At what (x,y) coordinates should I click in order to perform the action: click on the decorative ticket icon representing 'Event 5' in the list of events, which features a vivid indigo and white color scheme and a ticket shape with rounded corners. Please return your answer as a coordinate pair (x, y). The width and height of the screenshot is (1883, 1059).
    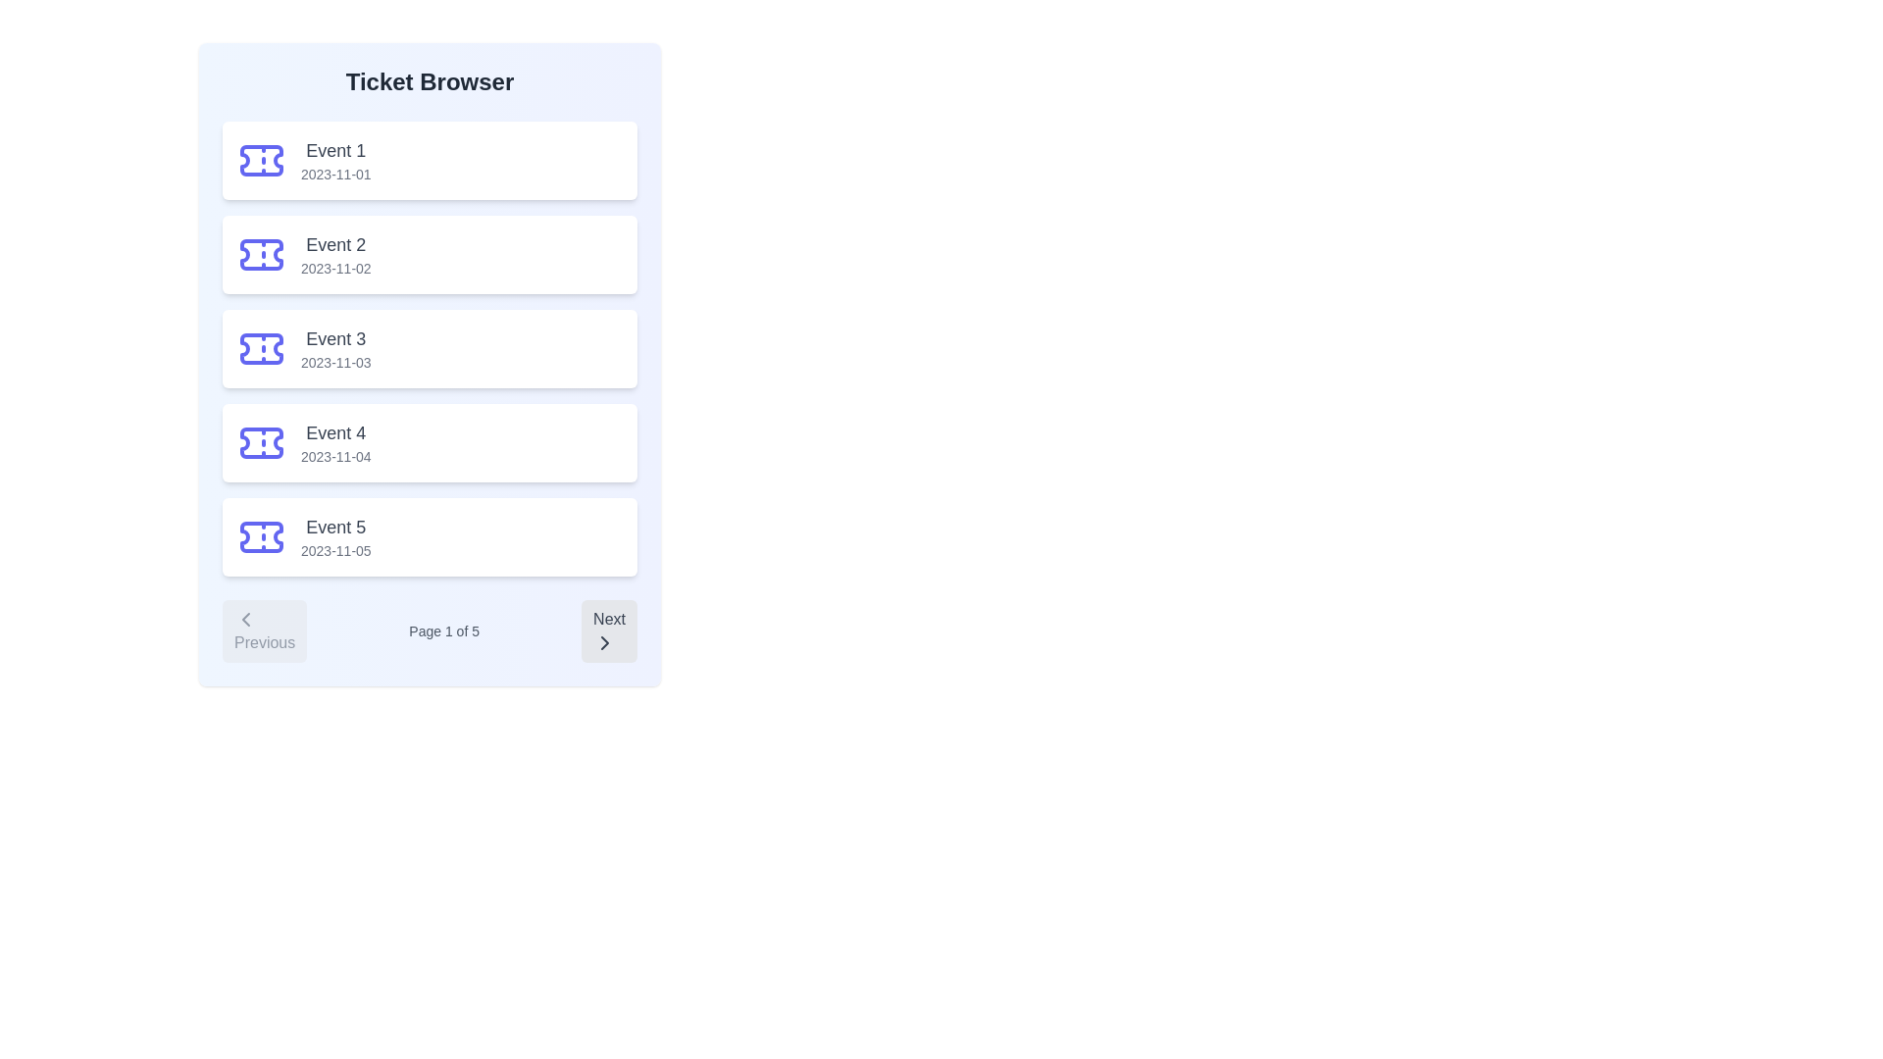
    Looking at the image, I should click on (261, 536).